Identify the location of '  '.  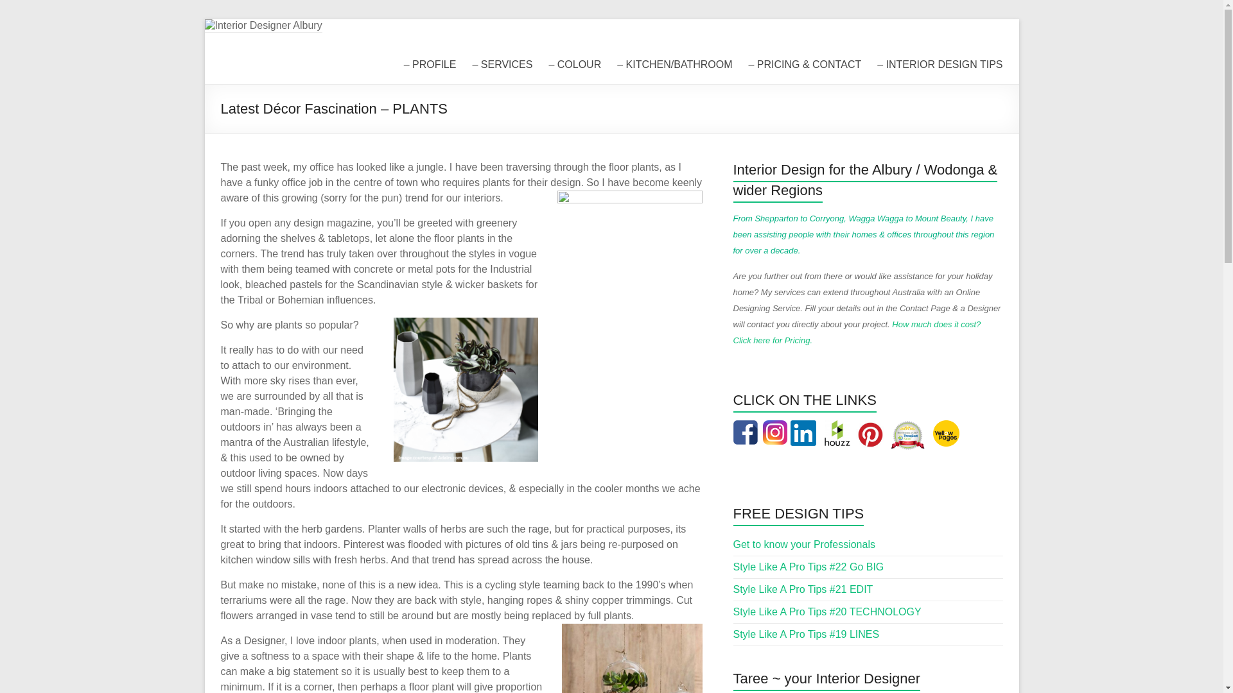
(748, 427).